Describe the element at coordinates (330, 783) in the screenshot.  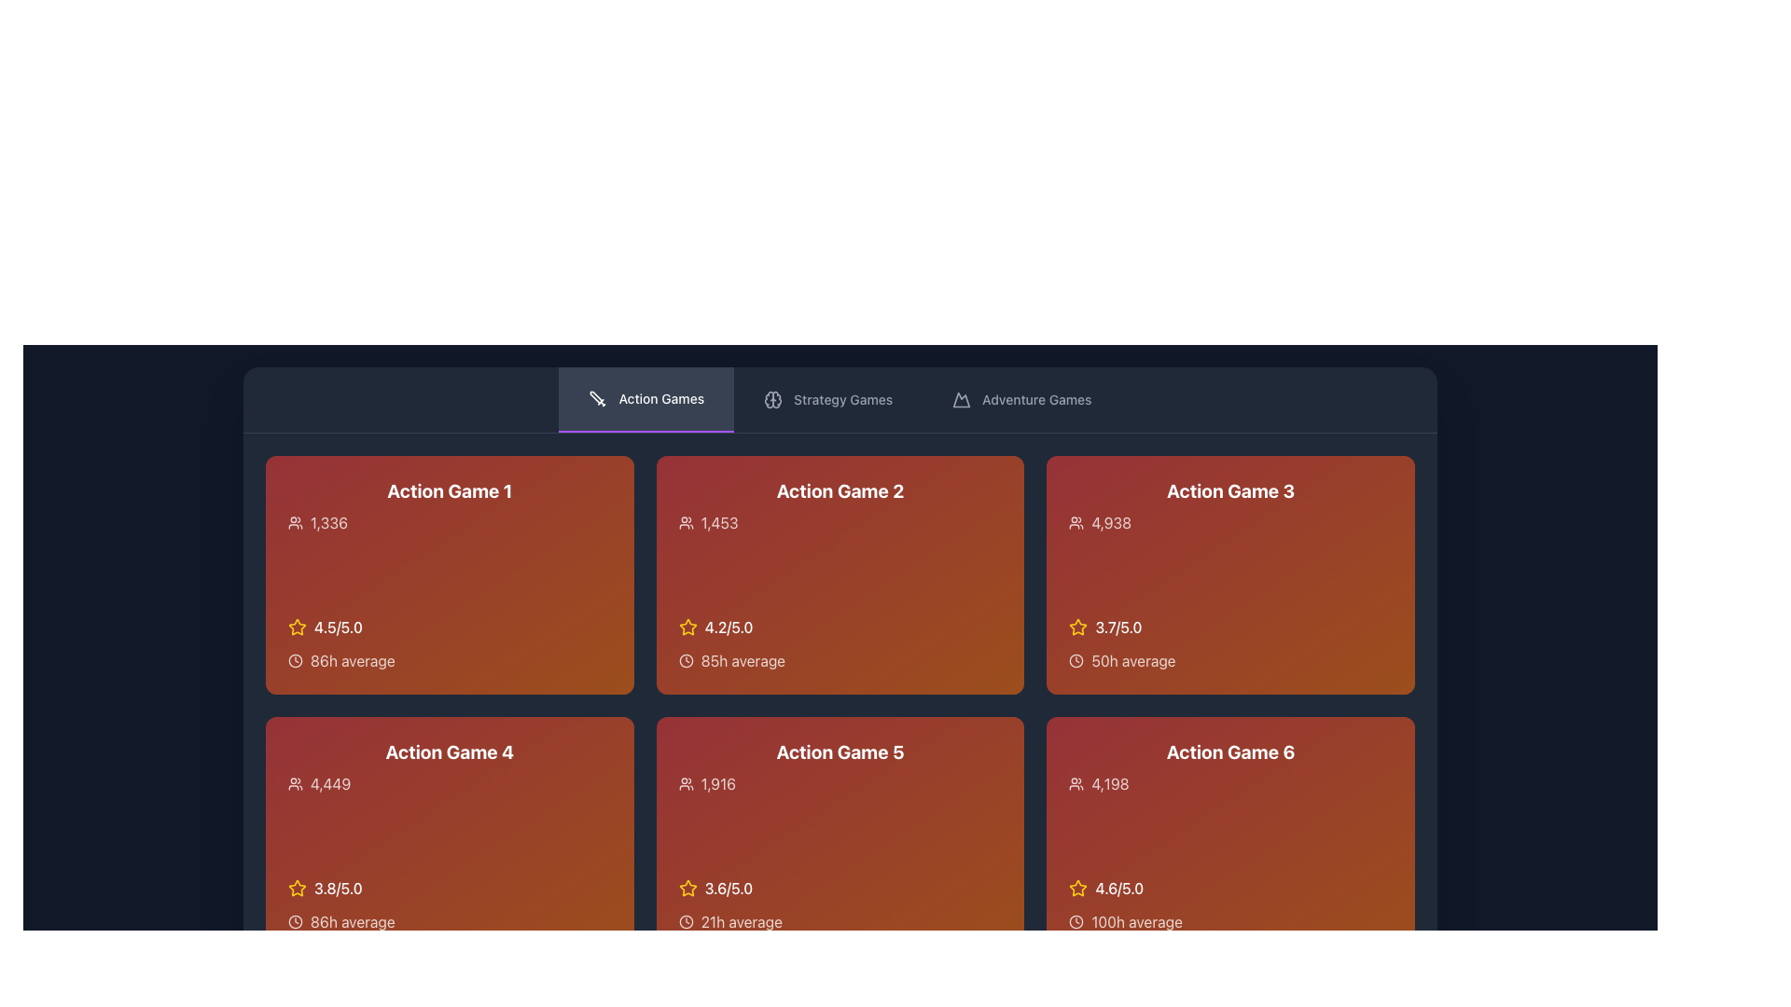
I see `the Text Label displaying the user count located in the fourth panel, second row, first column, positioned directly to the right of the user-shaped icon` at that location.